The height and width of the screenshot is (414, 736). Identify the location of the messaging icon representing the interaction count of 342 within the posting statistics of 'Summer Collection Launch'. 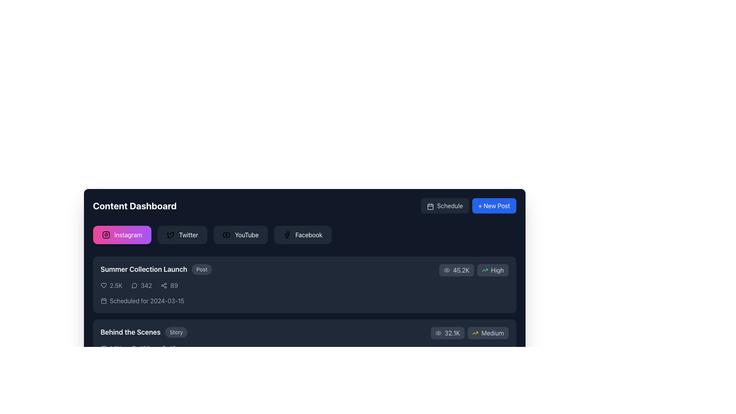
(134, 286).